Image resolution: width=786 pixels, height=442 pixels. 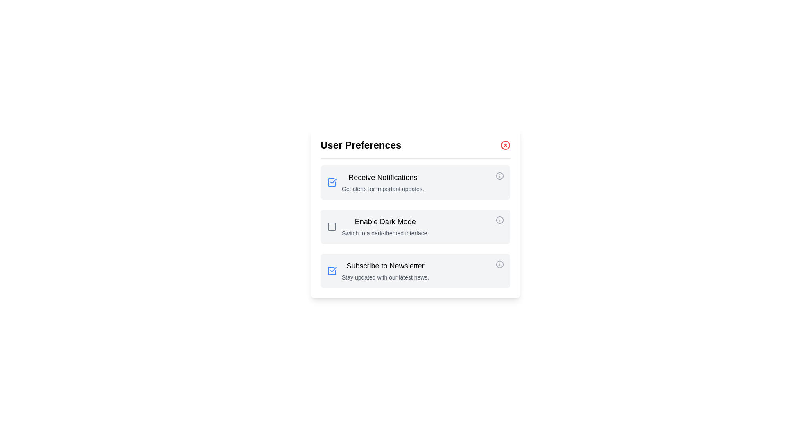 What do you see at coordinates (505, 144) in the screenshot?
I see `the closing icon button on the right side of the 'User Preferences' header` at bounding box center [505, 144].